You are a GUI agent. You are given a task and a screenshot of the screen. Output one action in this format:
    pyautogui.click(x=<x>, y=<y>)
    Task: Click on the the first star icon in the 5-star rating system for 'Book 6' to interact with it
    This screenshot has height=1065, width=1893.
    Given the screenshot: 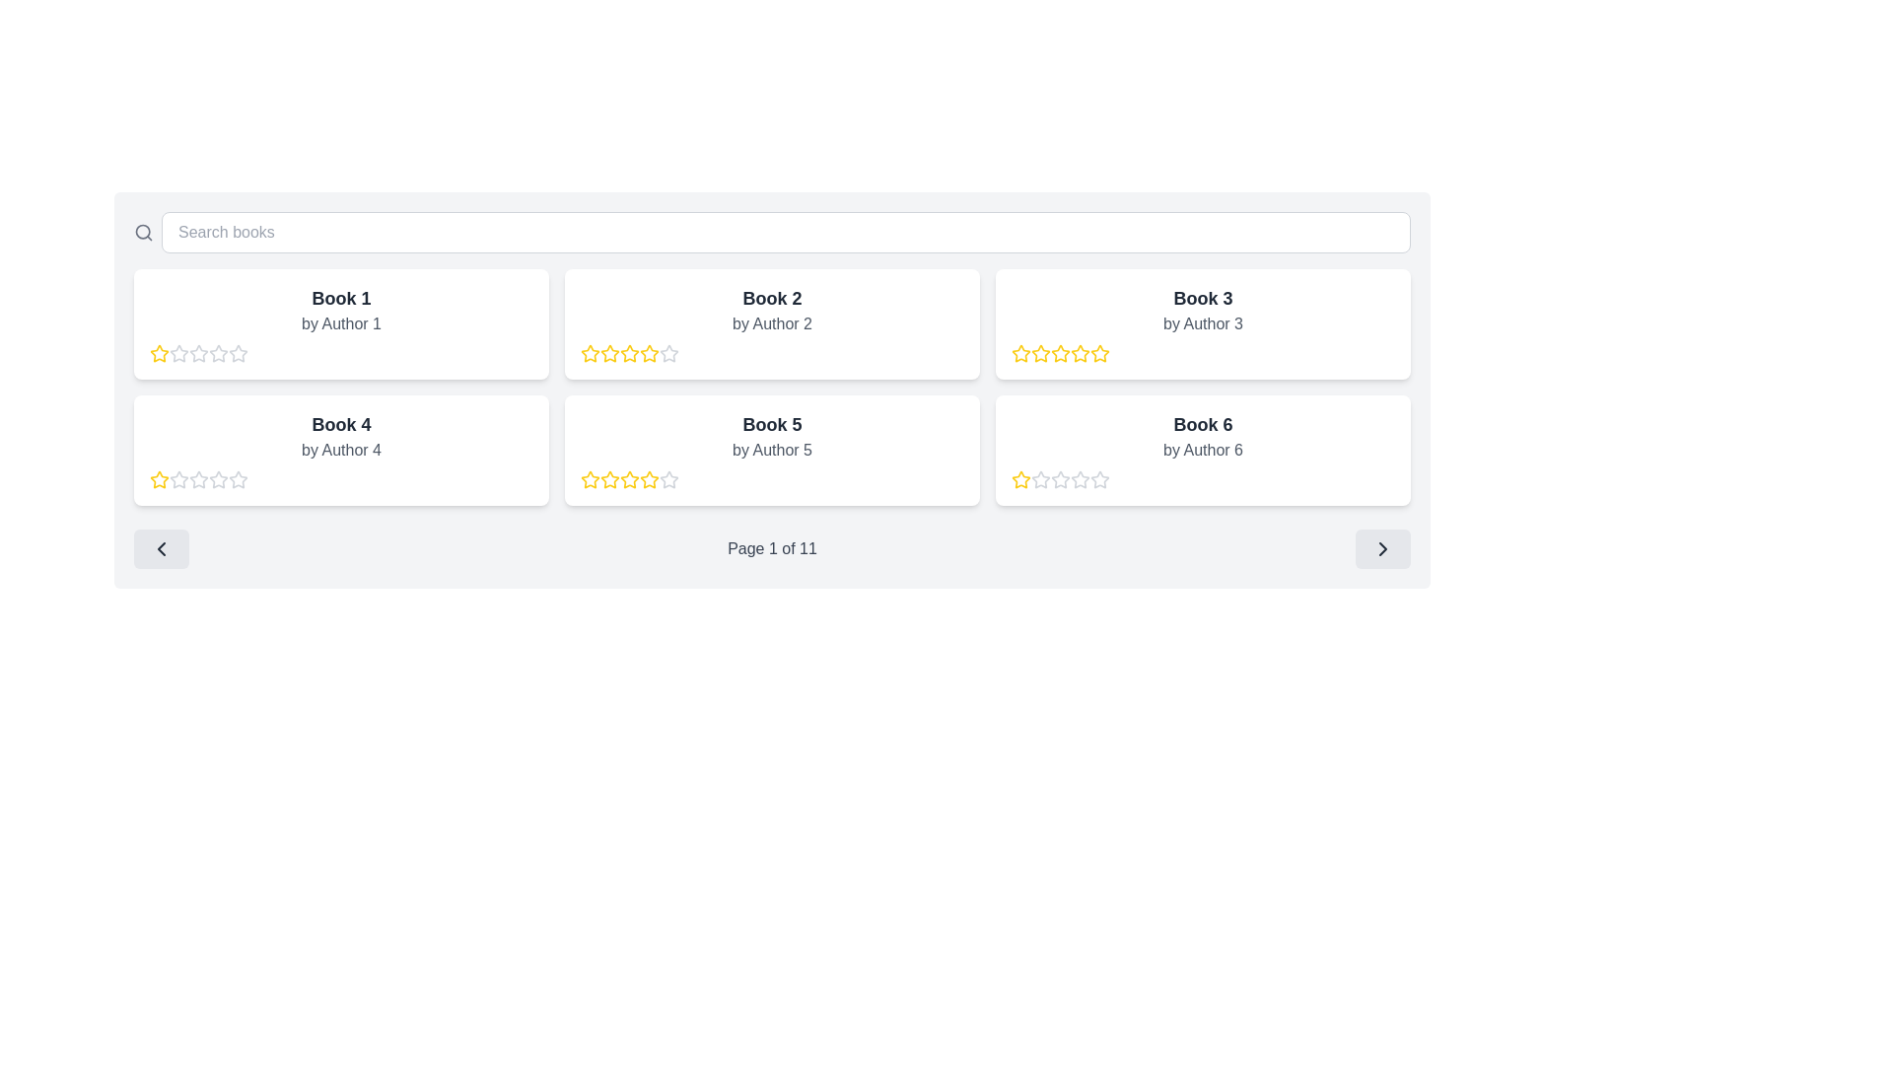 What is the action you would take?
    pyautogui.click(x=1021, y=479)
    